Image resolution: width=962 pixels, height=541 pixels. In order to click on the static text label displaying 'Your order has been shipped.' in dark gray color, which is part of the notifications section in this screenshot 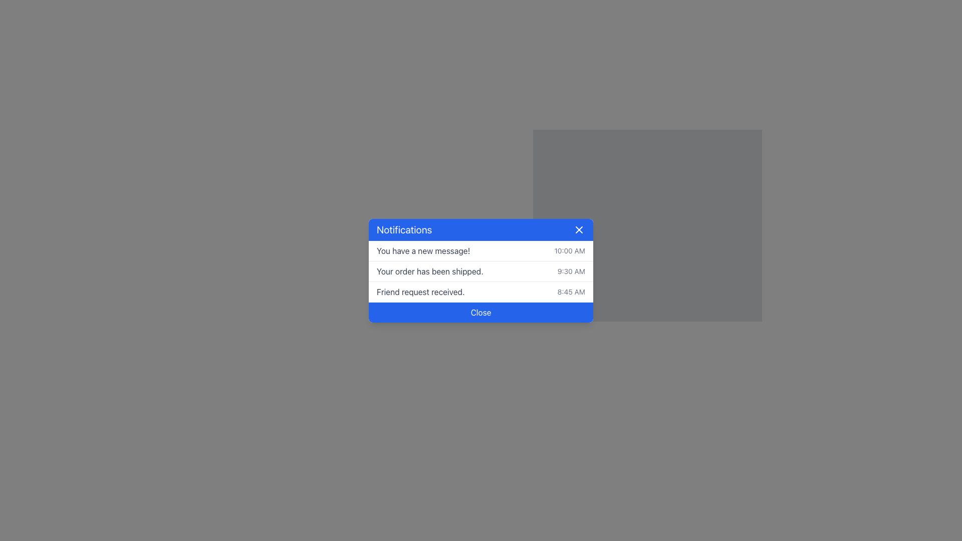, I will do `click(430, 271)`.